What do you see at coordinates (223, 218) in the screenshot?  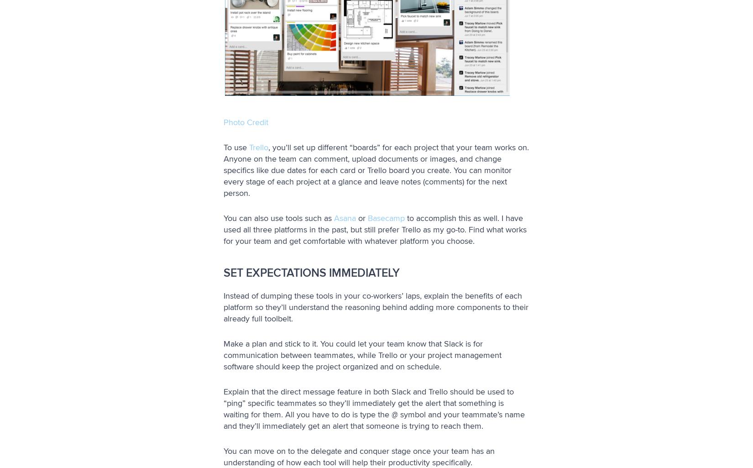 I see `'You can also use tools such as'` at bounding box center [223, 218].